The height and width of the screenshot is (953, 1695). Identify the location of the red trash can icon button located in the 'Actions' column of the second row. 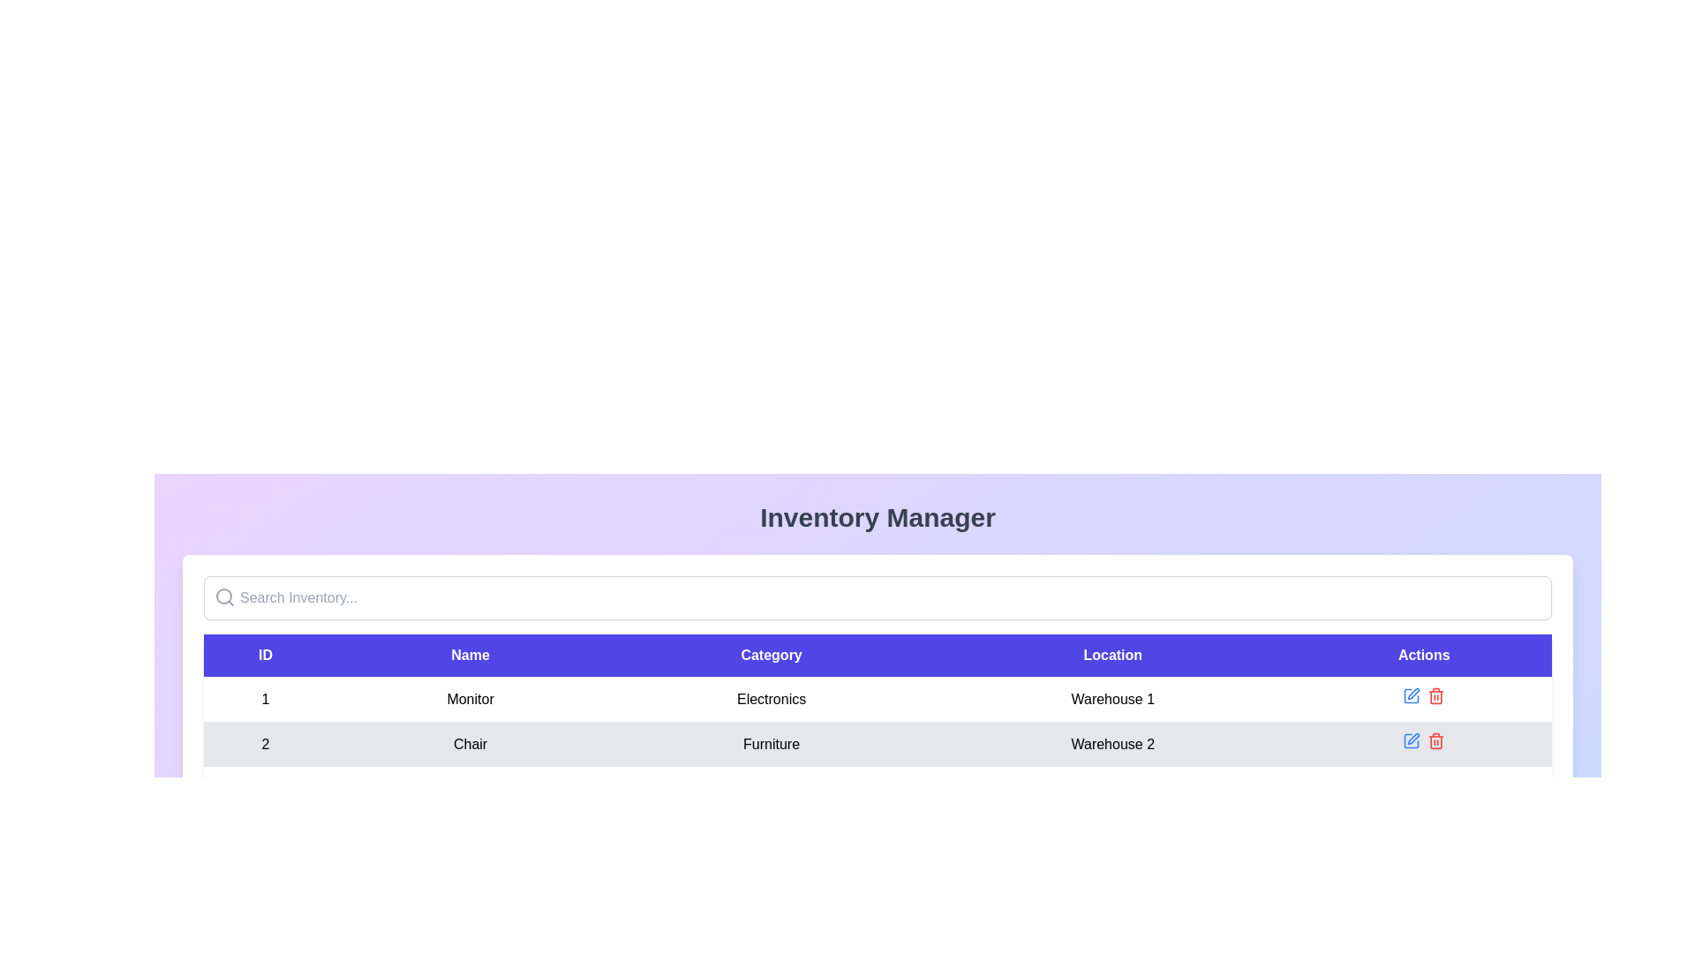
(1436, 741).